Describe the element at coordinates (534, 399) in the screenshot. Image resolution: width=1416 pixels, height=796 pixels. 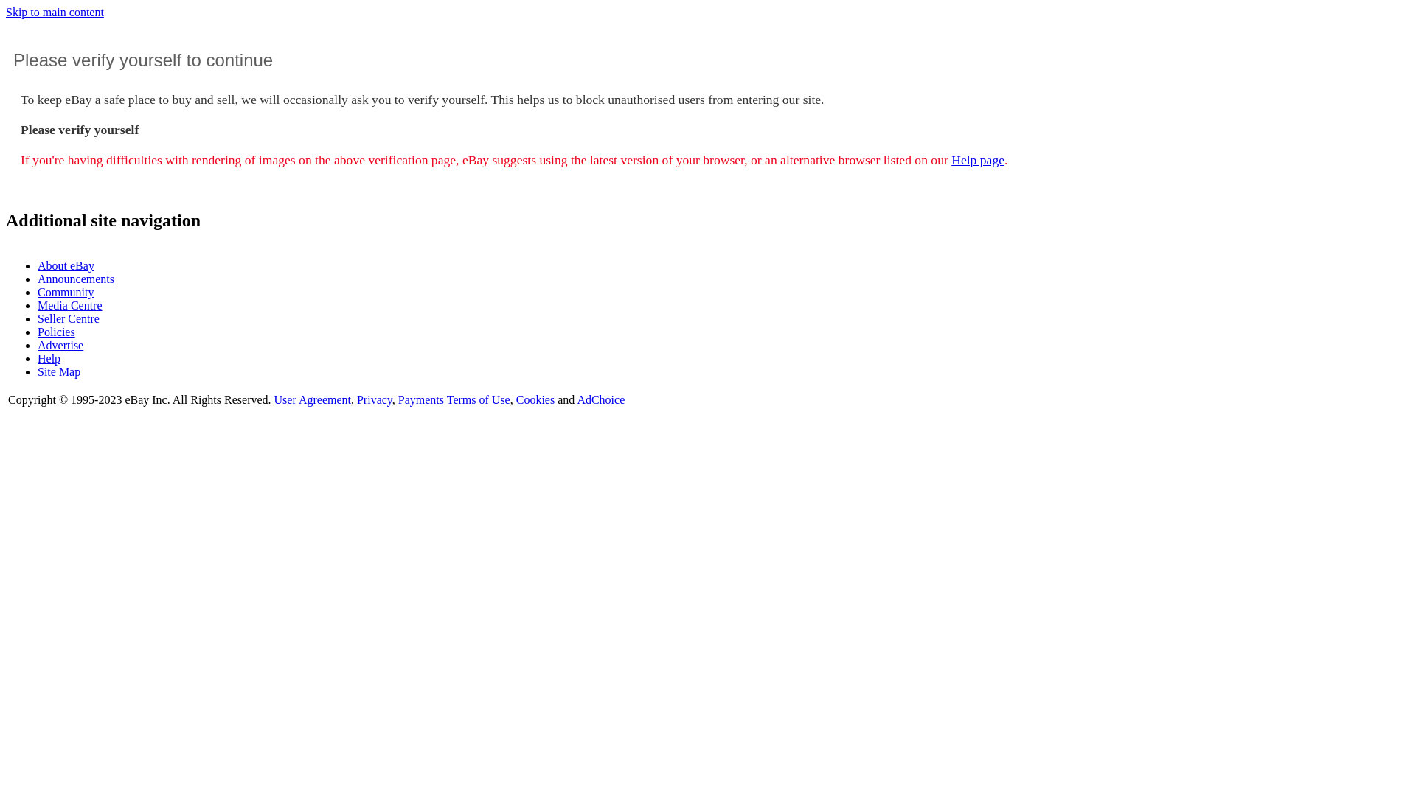
I see `'Cookies'` at that location.